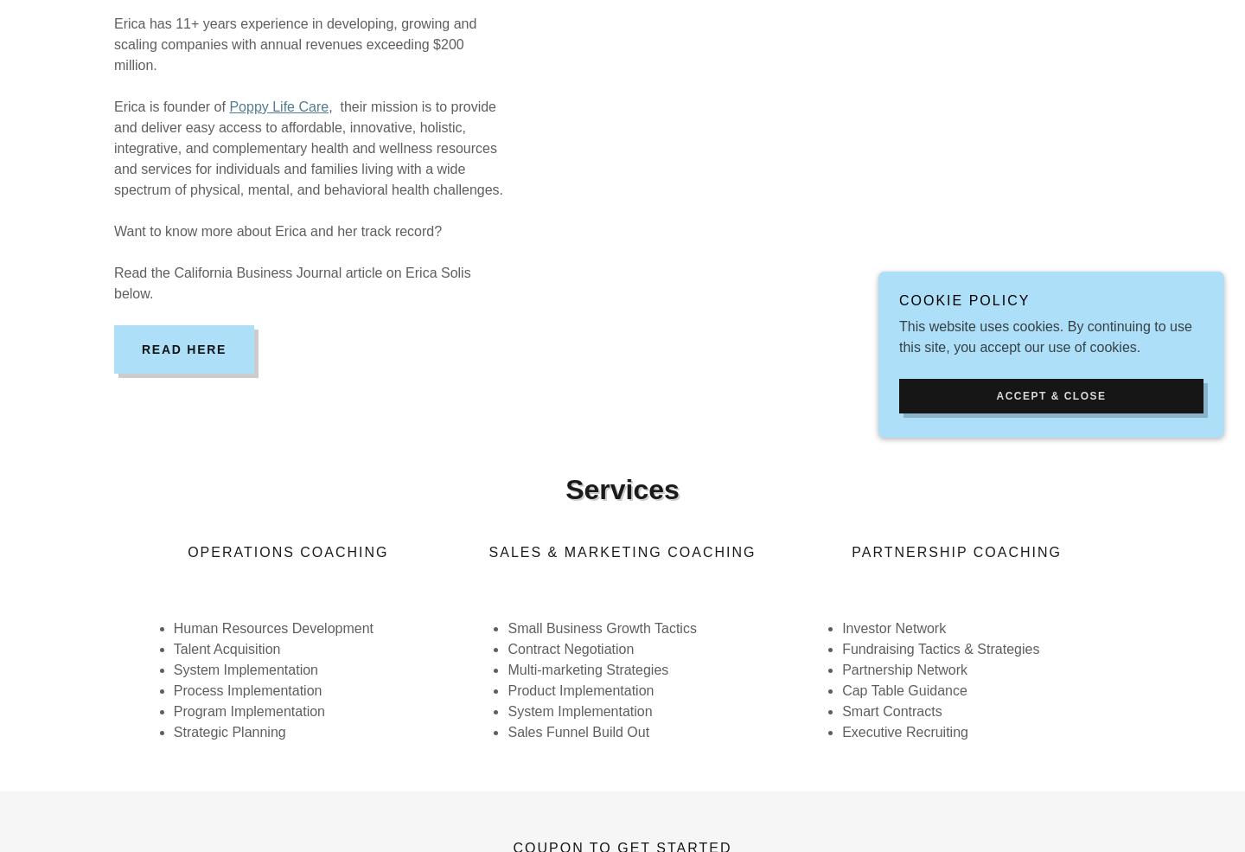  What do you see at coordinates (565, 488) in the screenshot?
I see `'Services'` at bounding box center [565, 488].